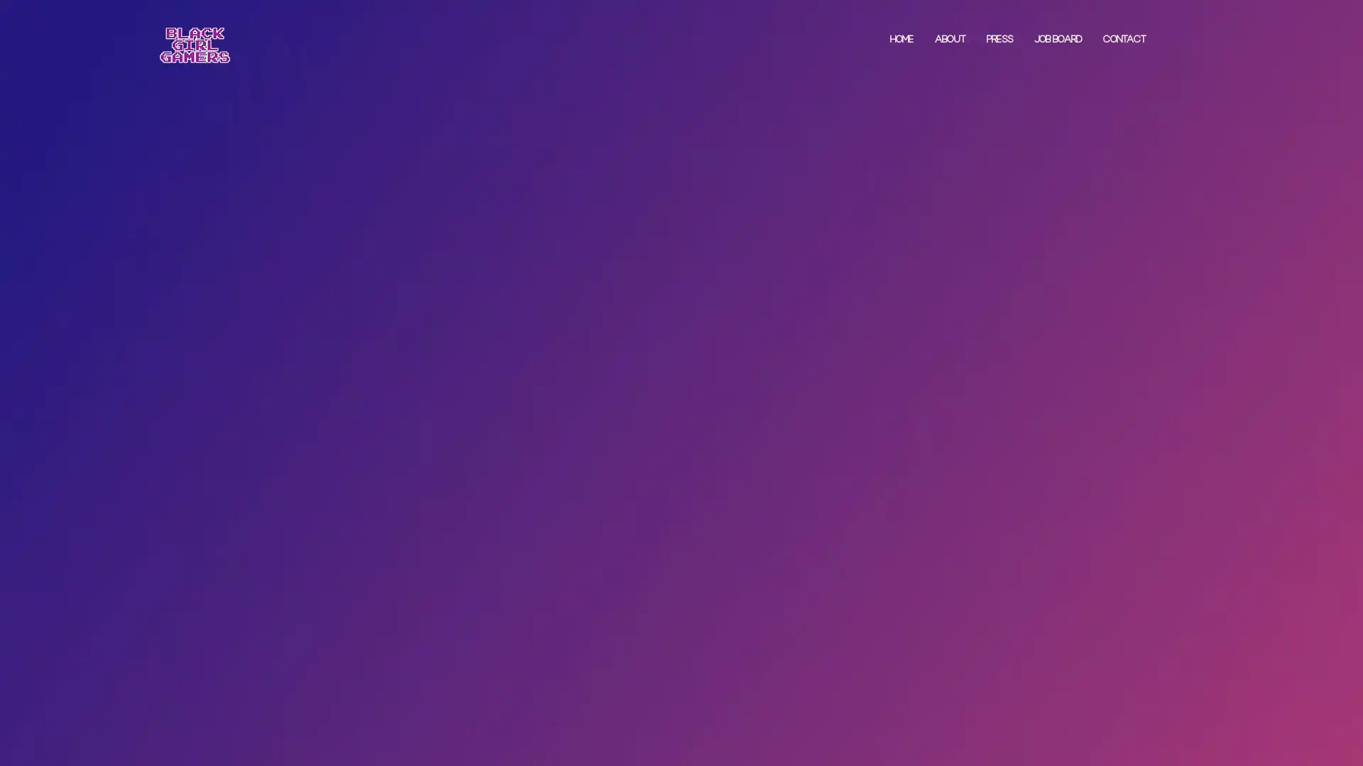 The width and height of the screenshot is (1363, 766). What do you see at coordinates (1345, 743) in the screenshot?
I see `Close` at bounding box center [1345, 743].